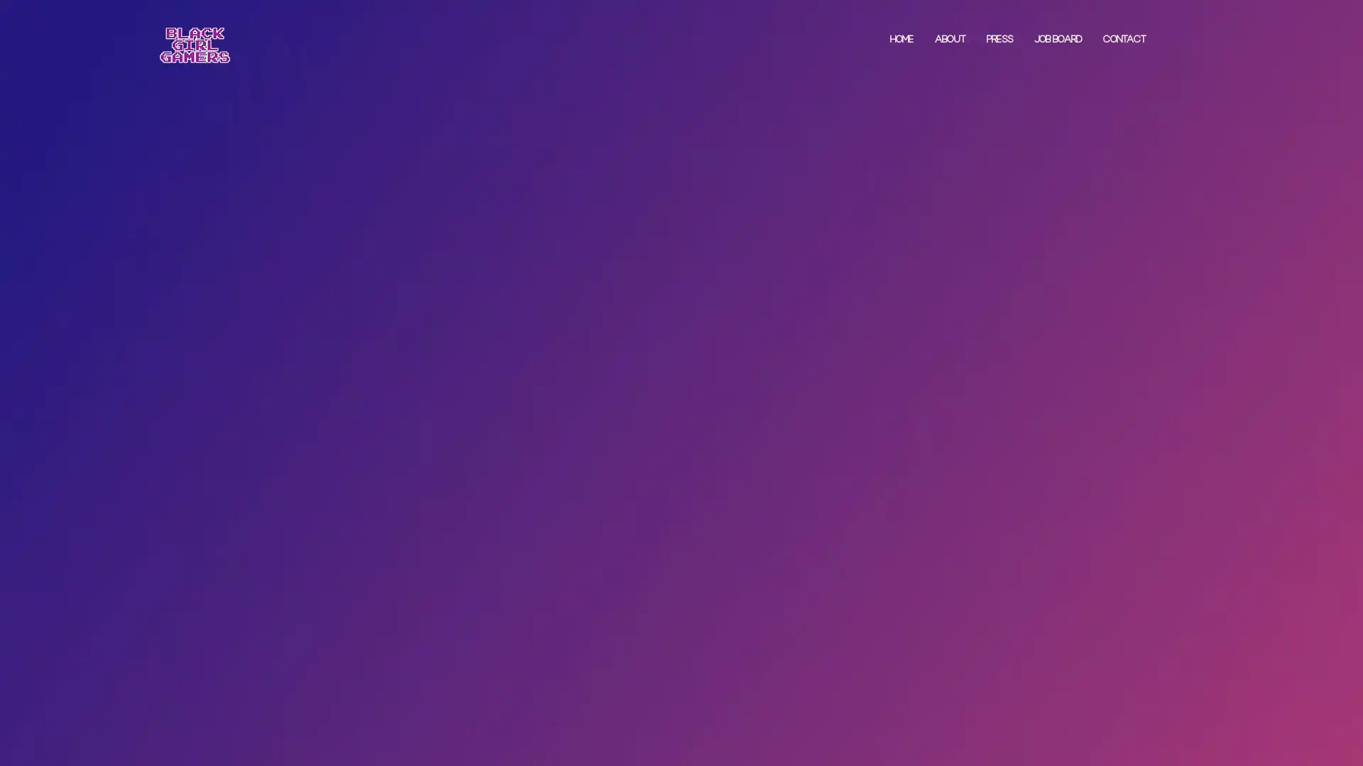 The width and height of the screenshot is (1363, 766). What do you see at coordinates (1345, 743) in the screenshot?
I see `Close` at bounding box center [1345, 743].